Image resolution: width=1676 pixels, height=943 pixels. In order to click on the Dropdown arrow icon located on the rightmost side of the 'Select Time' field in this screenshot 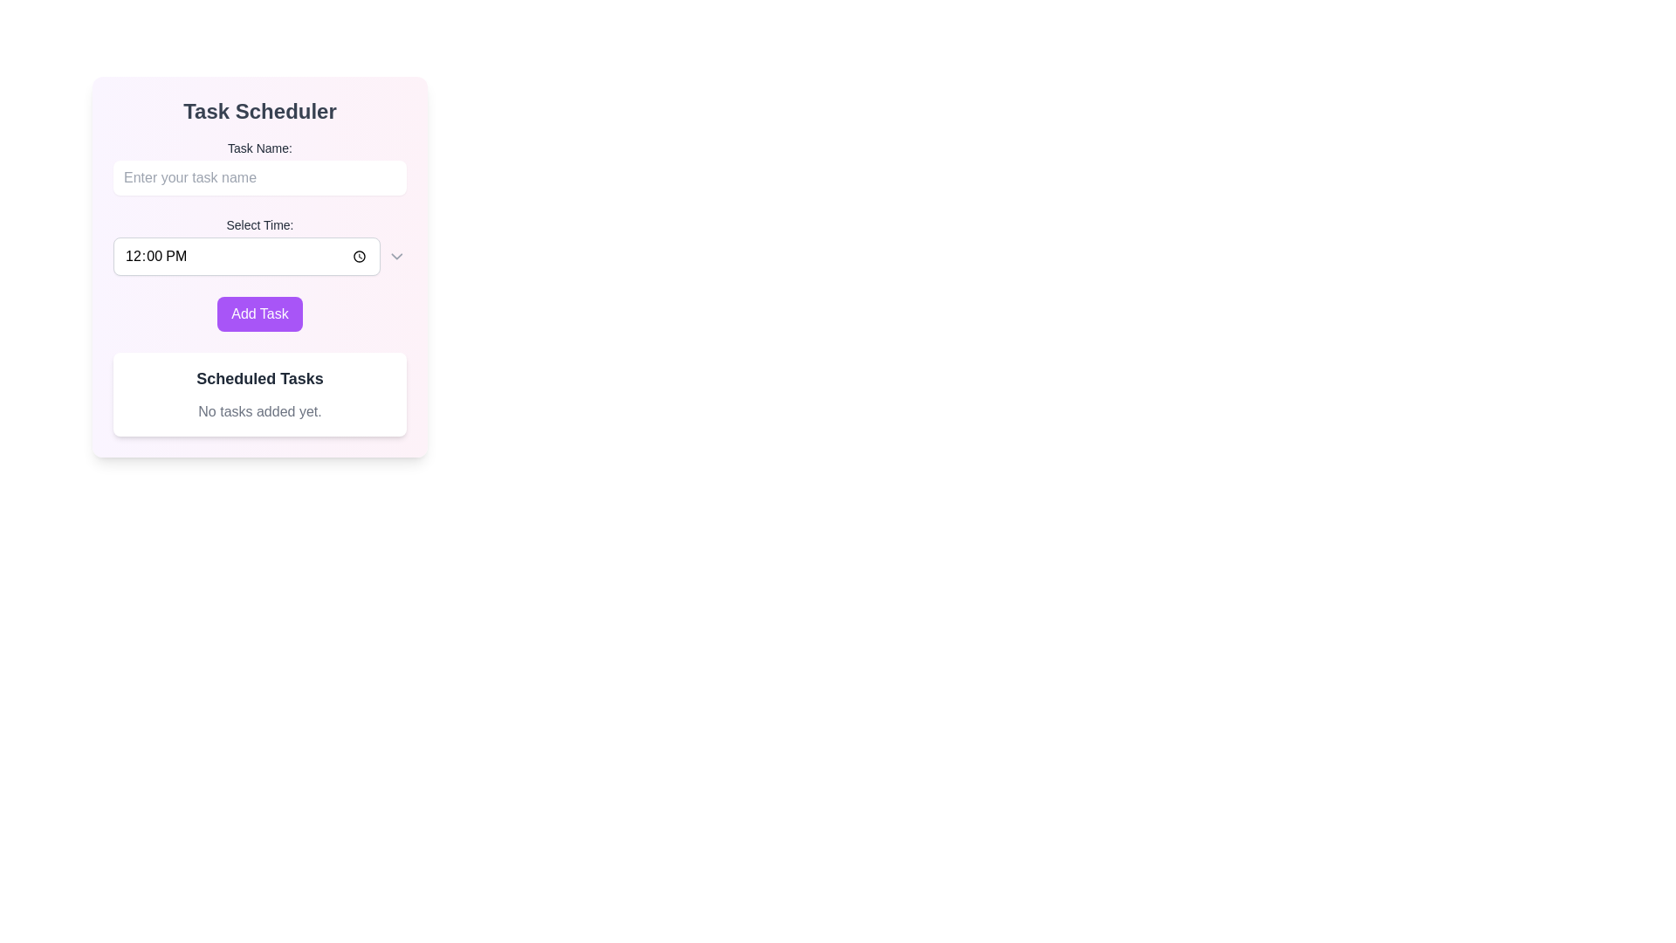, I will do `click(396, 256)`.